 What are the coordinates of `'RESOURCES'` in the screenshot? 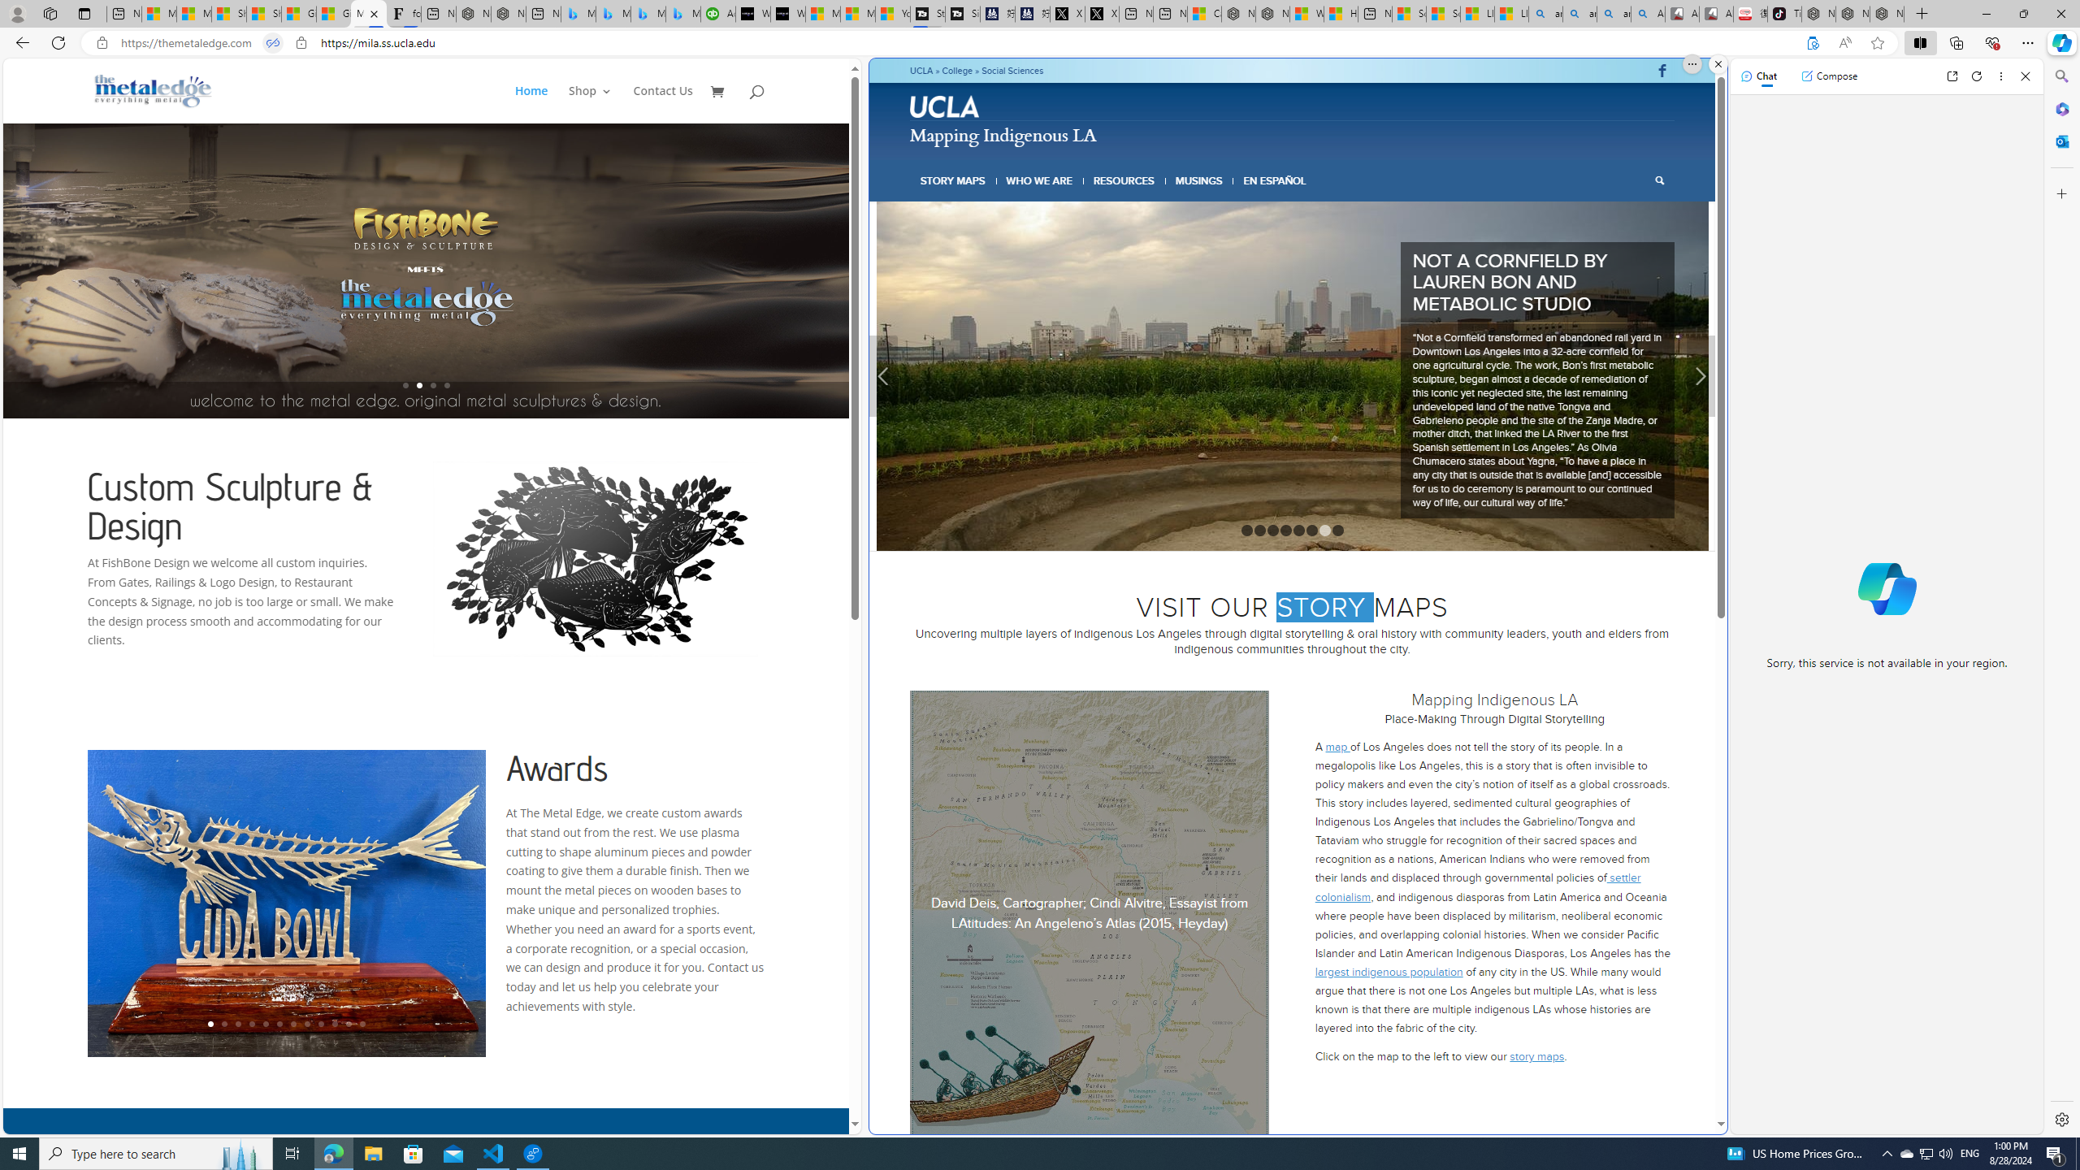 It's located at (1122, 180).